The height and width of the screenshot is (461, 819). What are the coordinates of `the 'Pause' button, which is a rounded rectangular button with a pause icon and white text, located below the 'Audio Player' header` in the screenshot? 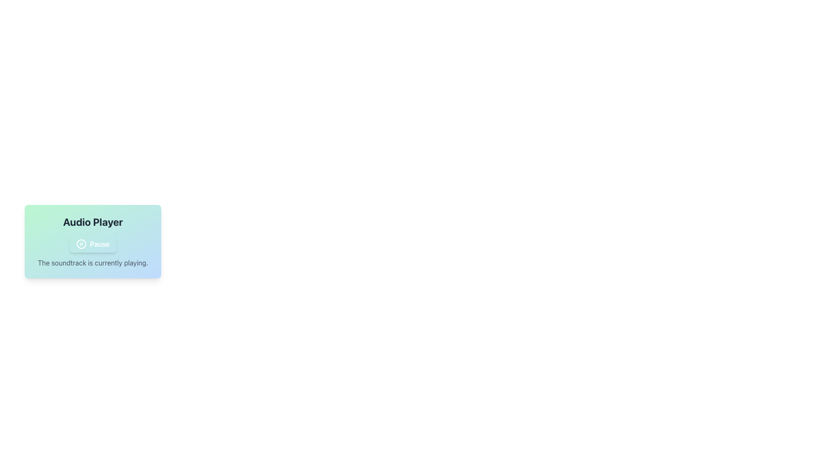 It's located at (93, 244).